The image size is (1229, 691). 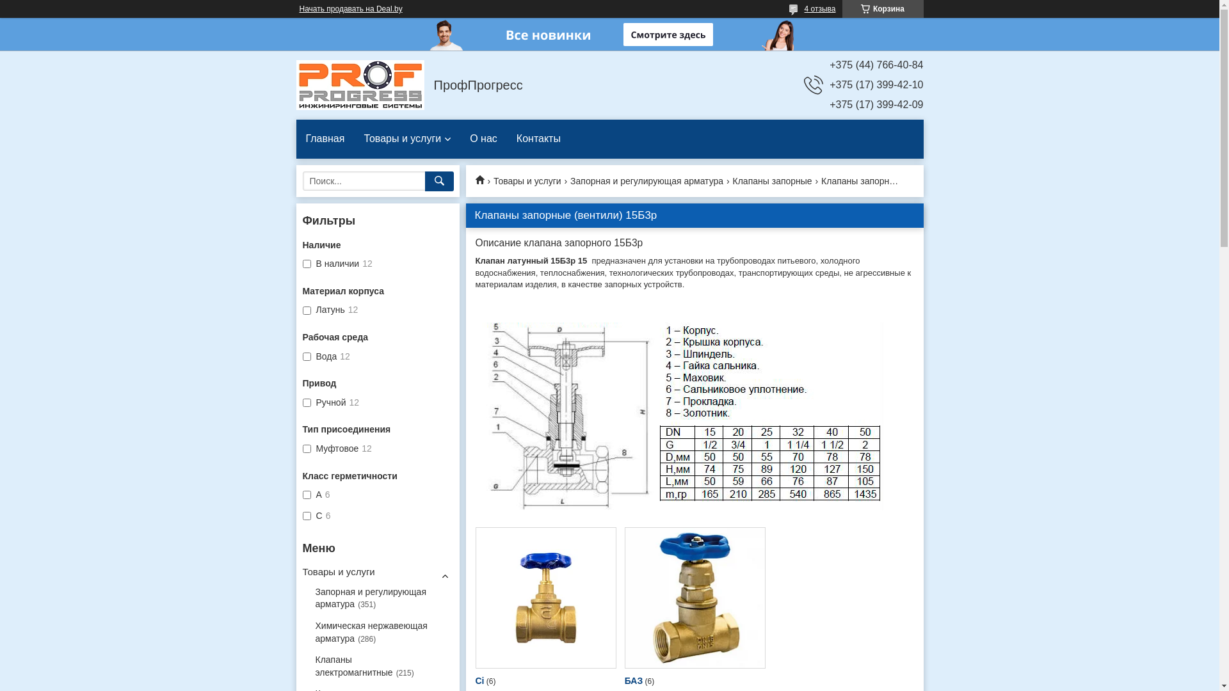 What do you see at coordinates (545, 597) in the screenshot?
I see `'Ci'` at bounding box center [545, 597].